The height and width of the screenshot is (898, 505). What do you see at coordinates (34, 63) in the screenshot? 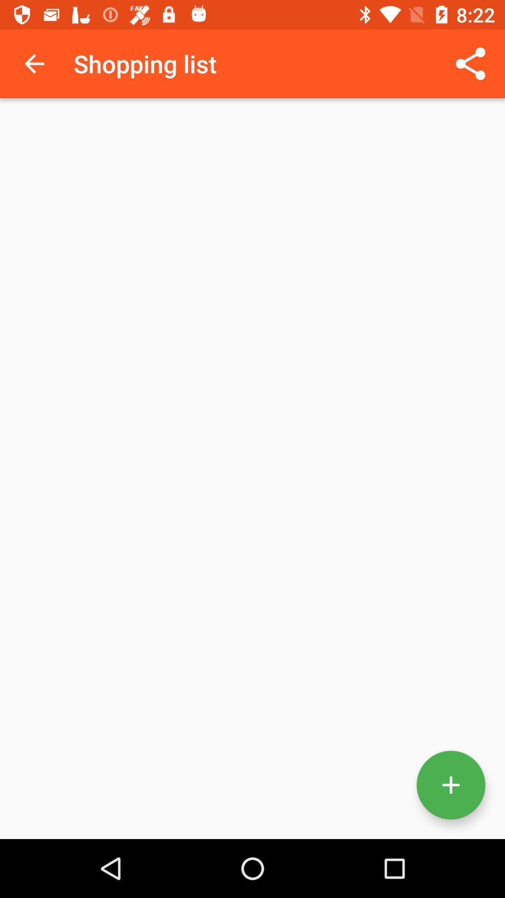
I see `the item to the left of shopping list icon` at bounding box center [34, 63].